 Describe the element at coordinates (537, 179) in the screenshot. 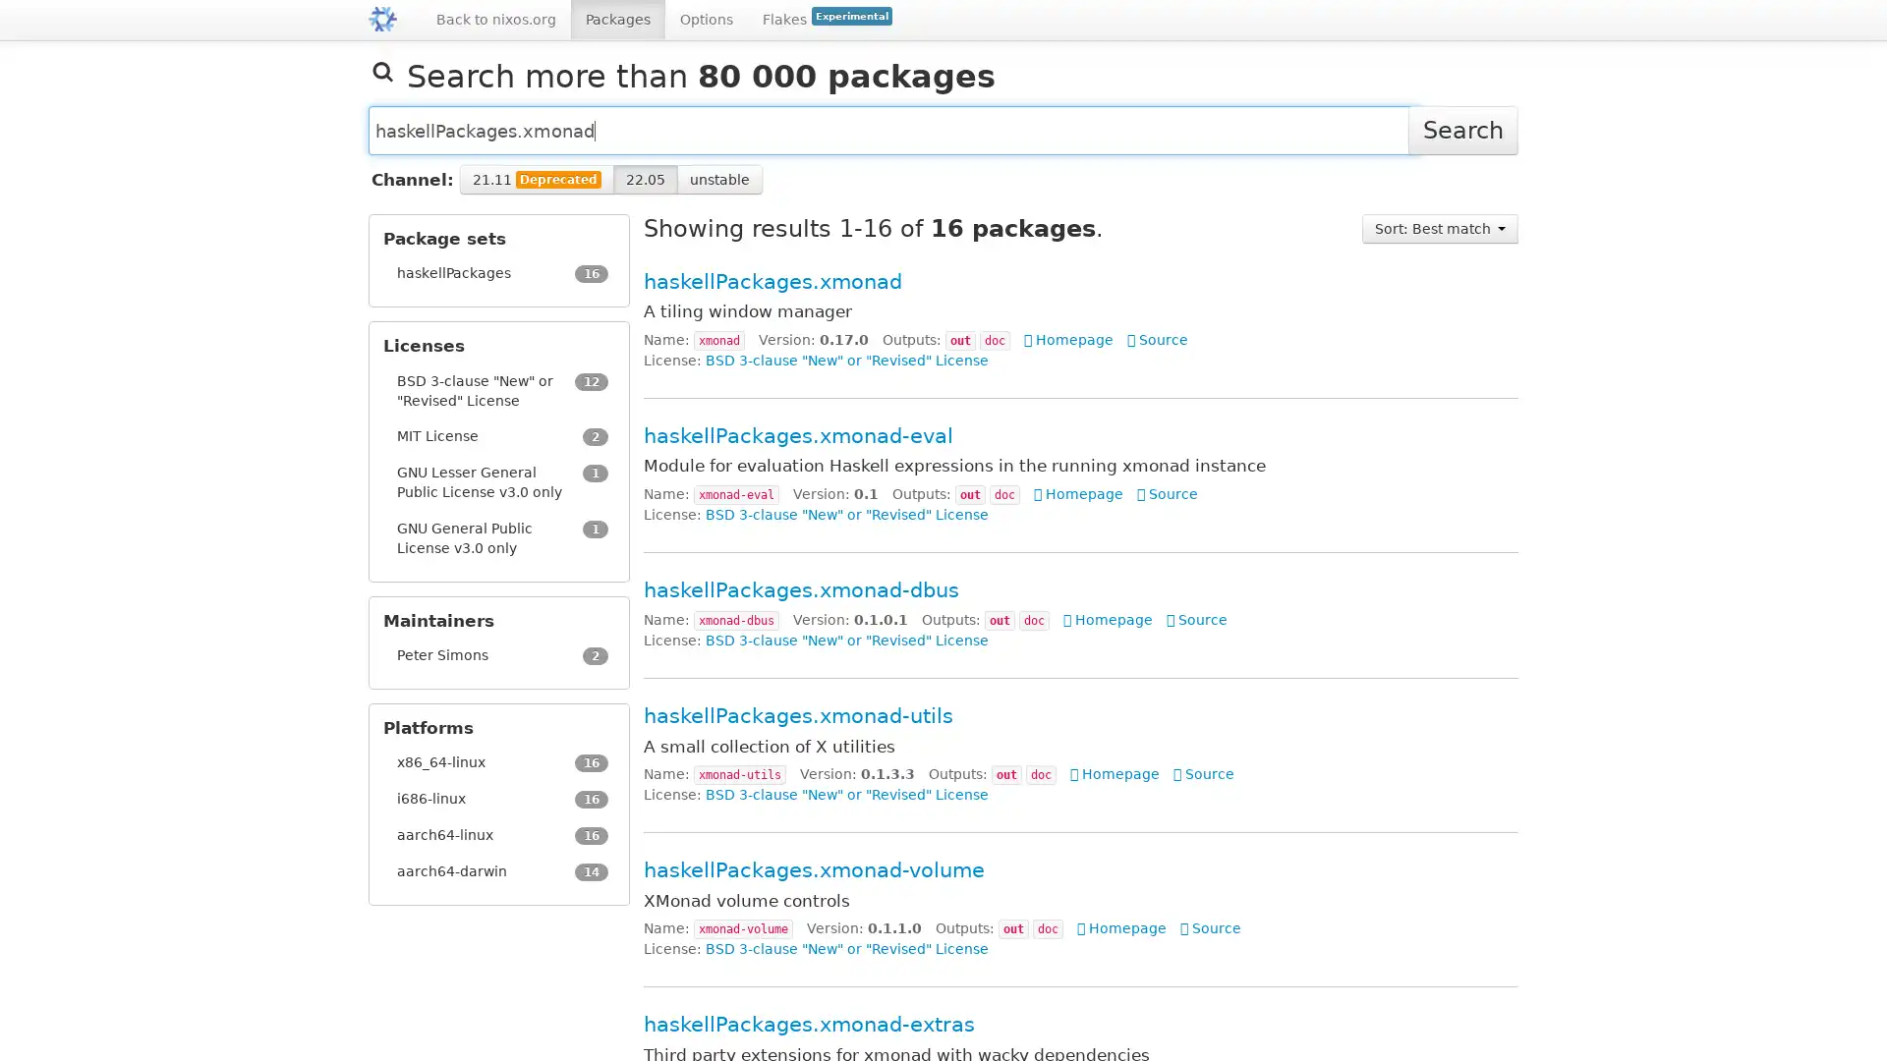

I see `21.11Deprecated` at that location.